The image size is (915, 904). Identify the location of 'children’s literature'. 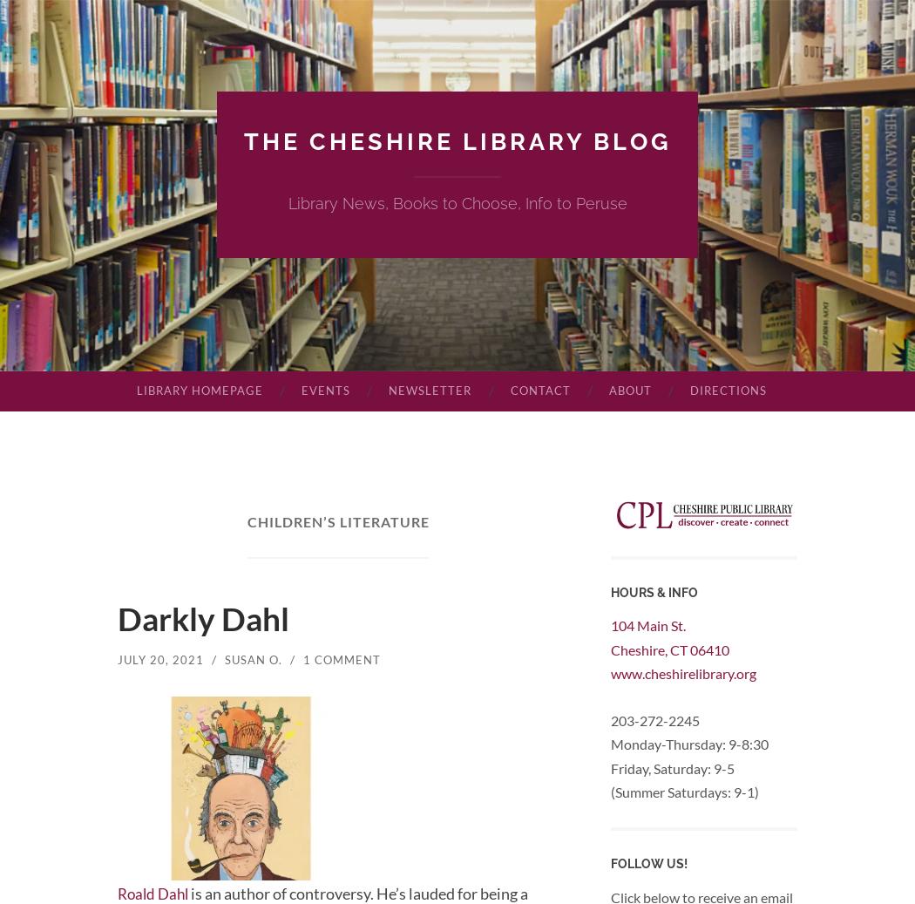
(338, 521).